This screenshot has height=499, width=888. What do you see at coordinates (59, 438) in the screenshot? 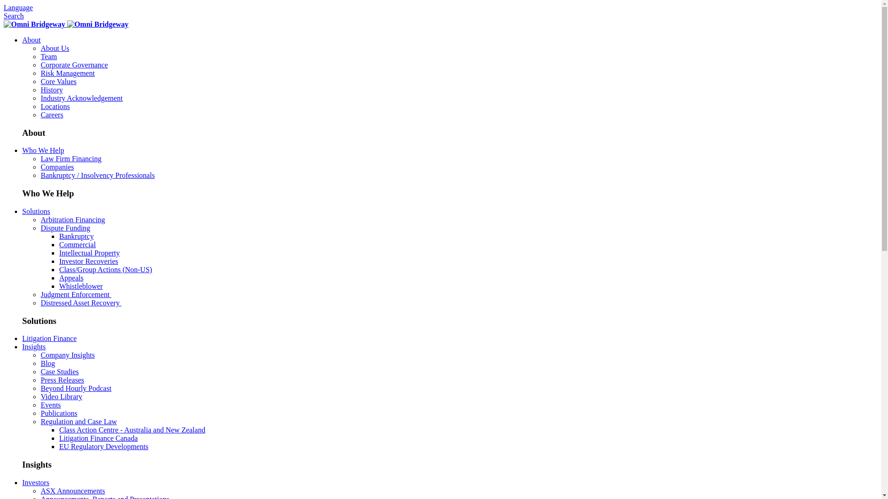
I see `'Litigation Finance Canada'` at bounding box center [59, 438].